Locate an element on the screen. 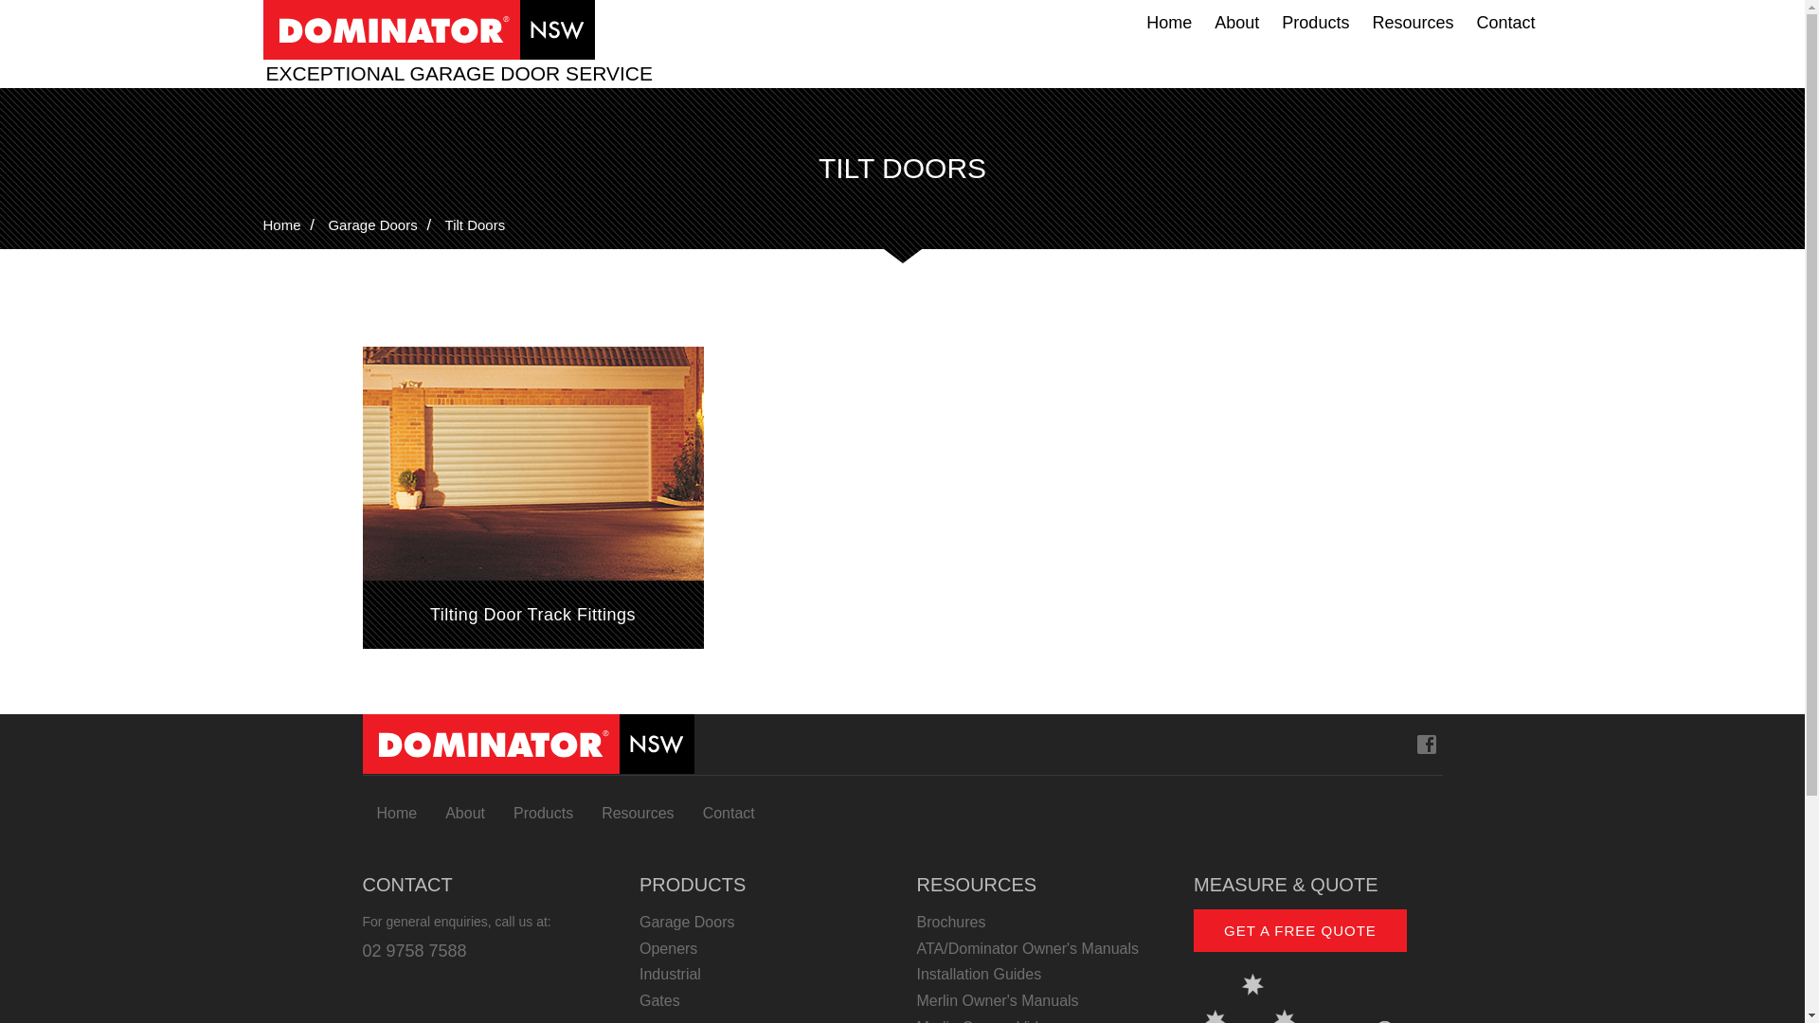 This screenshot has height=1023, width=1819. 'Tilting Door Track Fittings' is located at coordinates (362, 496).